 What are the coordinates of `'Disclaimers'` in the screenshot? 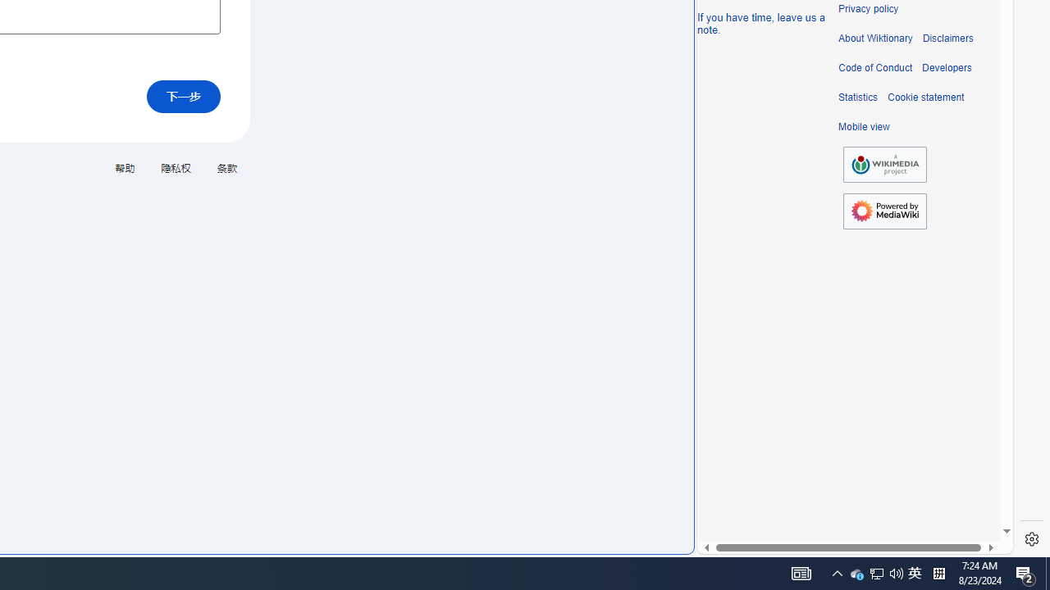 It's located at (947, 38).